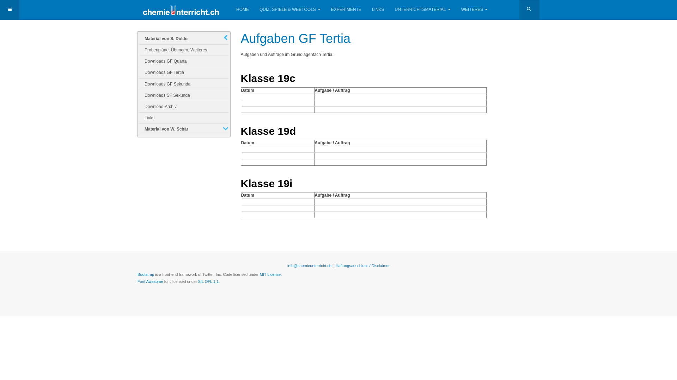 This screenshot has width=677, height=380. I want to click on 'Haftungsauschluss / Disclaimer', so click(362, 266).